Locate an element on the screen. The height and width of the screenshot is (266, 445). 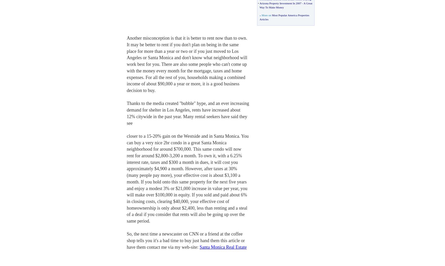
'-' is located at coordinates (302, 3).